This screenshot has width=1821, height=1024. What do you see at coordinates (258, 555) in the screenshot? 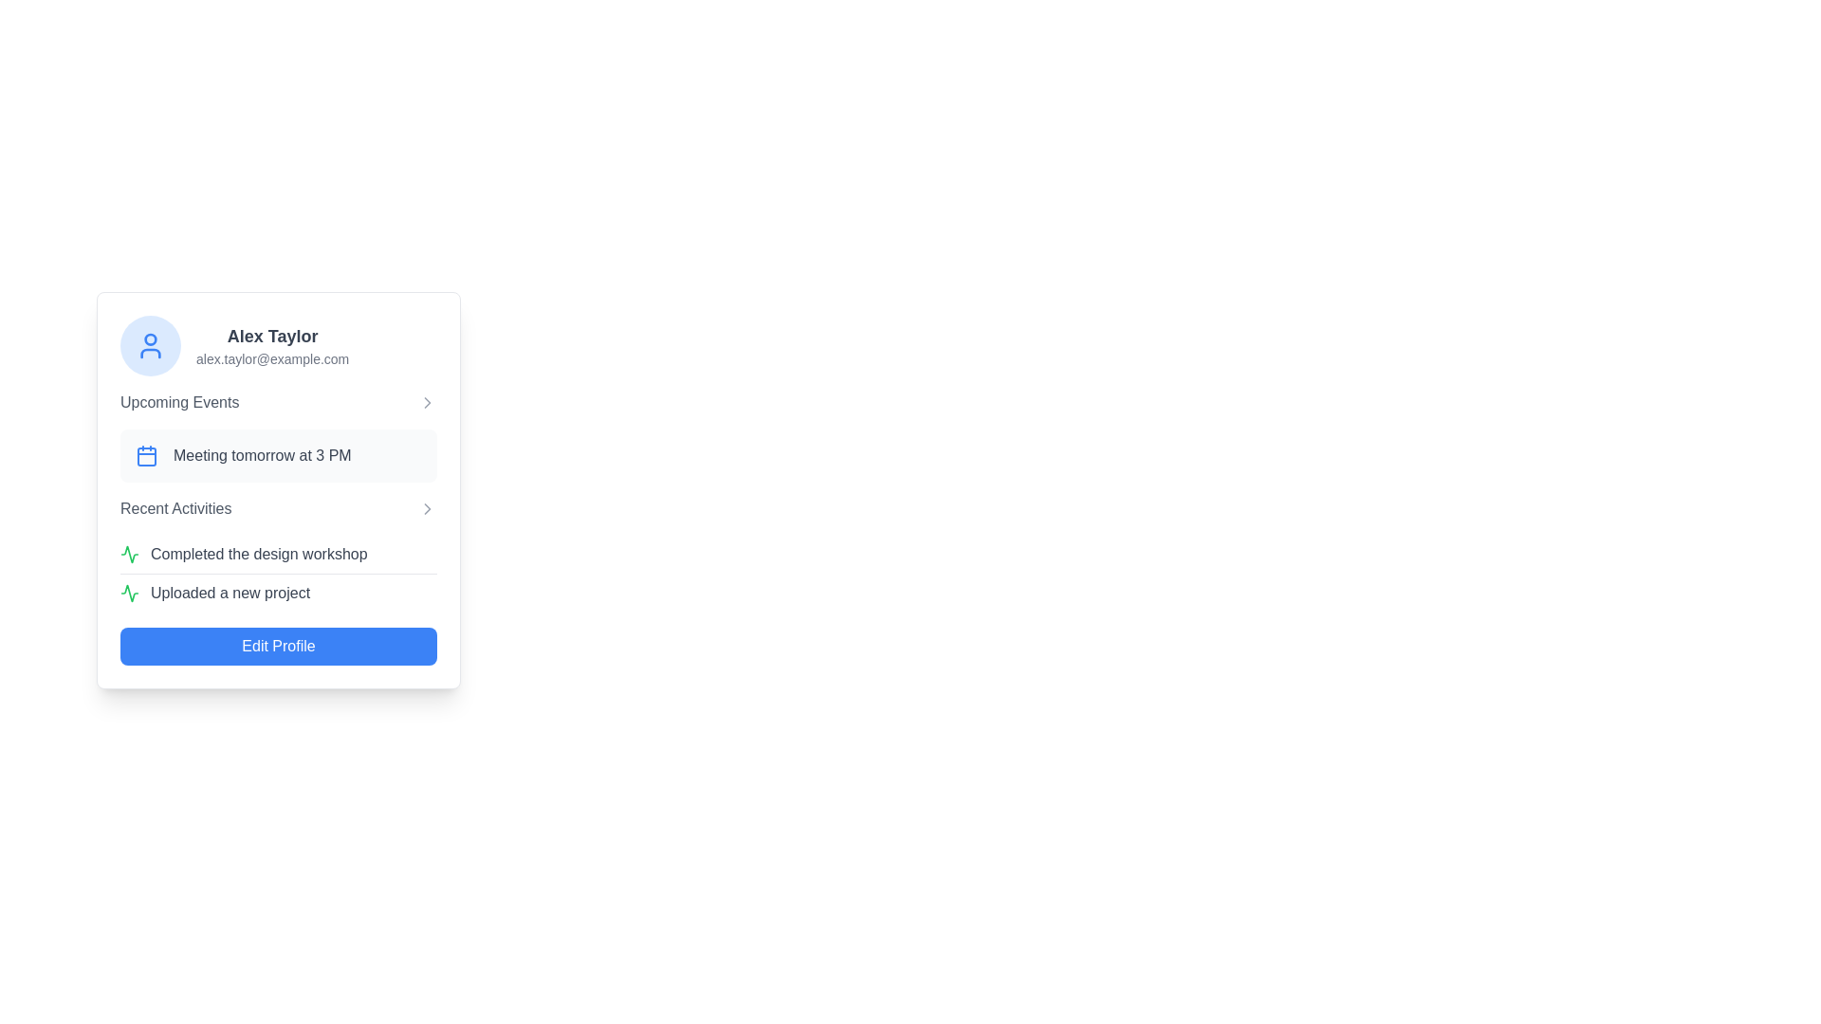
I see `the text element displaying 'Completed the design workshop', which is located under the 'Recent Activities' section` at bounding box center [258, 555].